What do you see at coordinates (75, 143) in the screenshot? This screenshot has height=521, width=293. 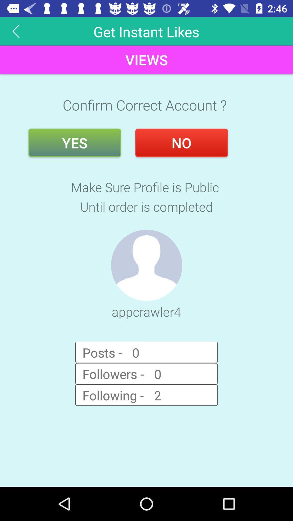 I see `yes item` at bounding box center [75, 143].